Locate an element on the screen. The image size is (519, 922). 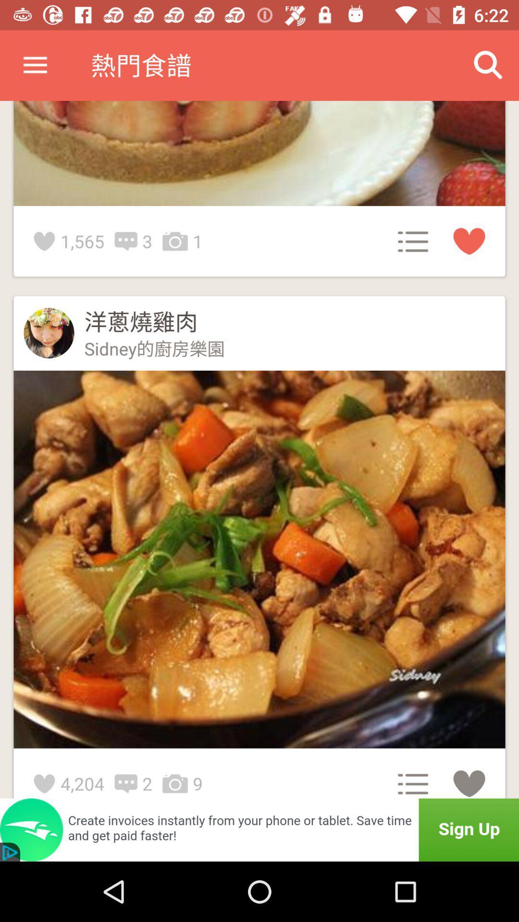
the menu button next to 1 is located at coordinates (412, 241).